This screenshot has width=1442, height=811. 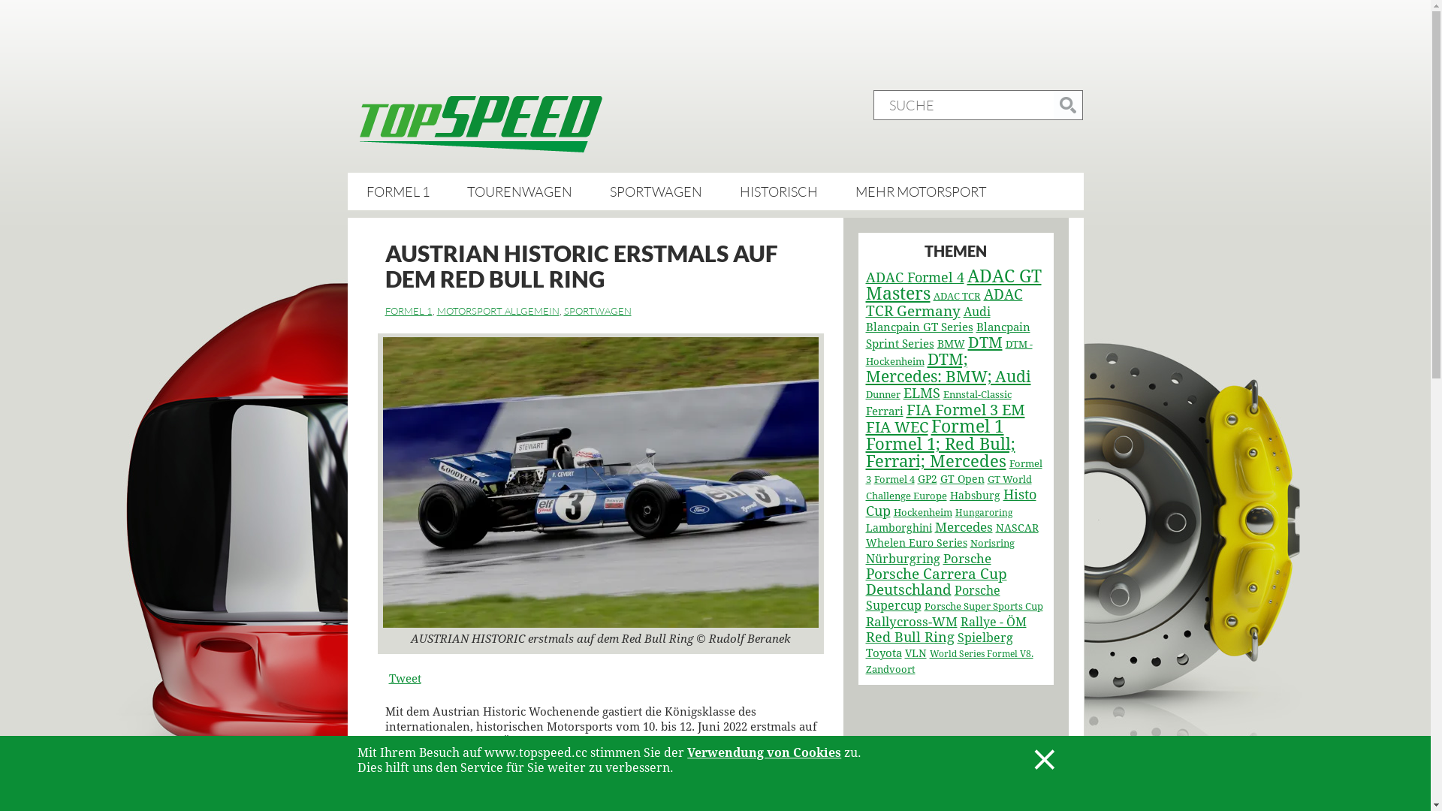 What do you see at coordinates (904, 653) in the screenshot?
I see `'VLN'` at bounding box center [904, 653].